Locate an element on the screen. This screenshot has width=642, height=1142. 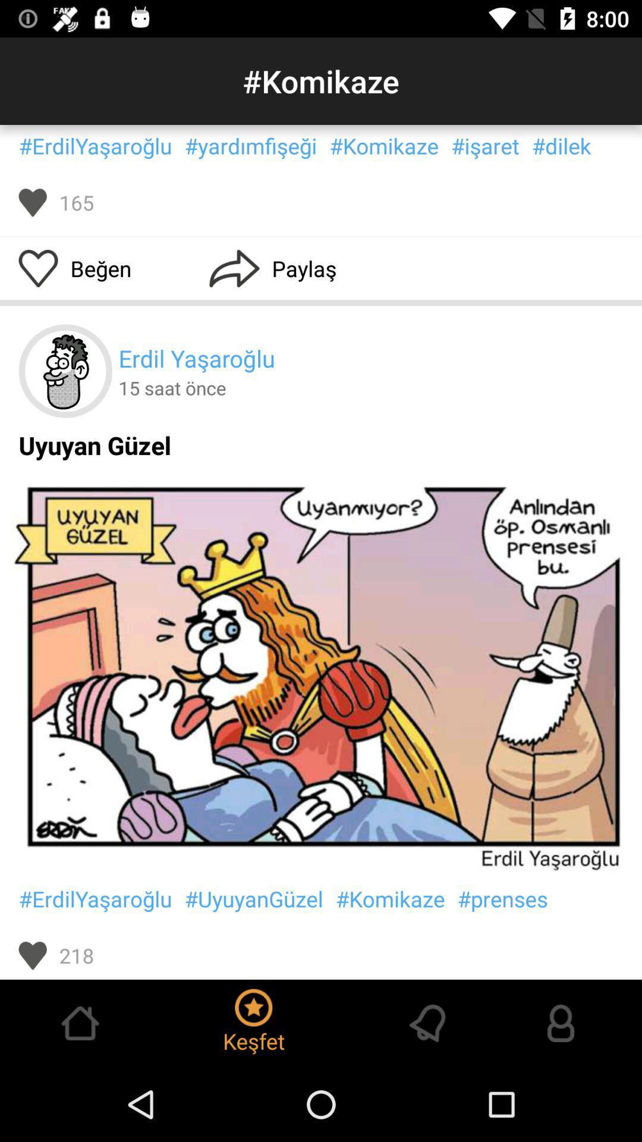
the 165 is located at coordinates (76, 202).